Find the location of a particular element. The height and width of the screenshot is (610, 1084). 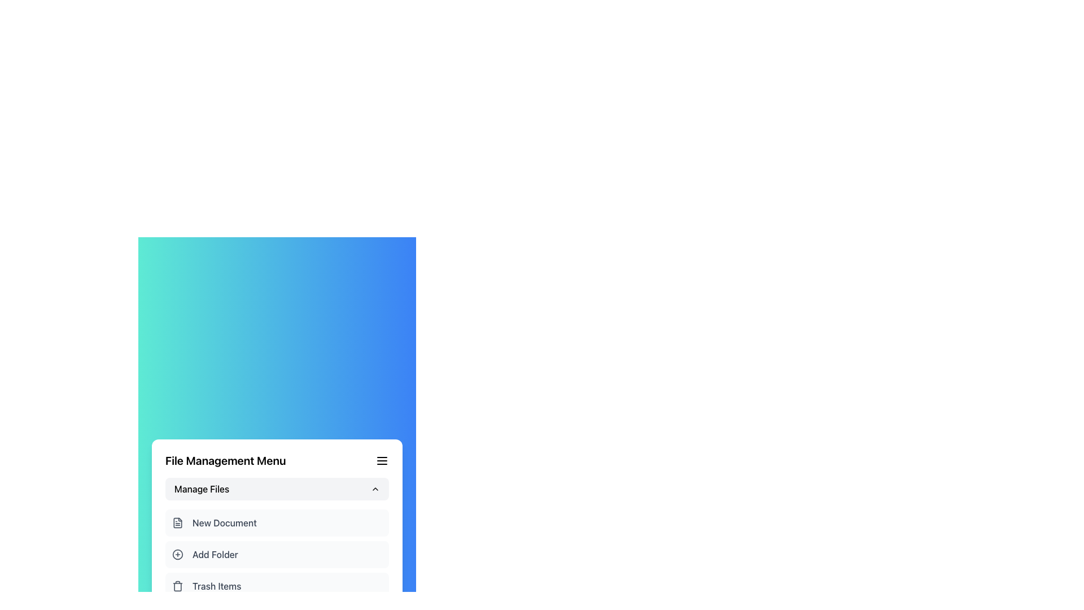

the trash bin icon located to the left of the 'Trash Items' text in the 'File Management Menu' interface is located at coordinates (177, 585).